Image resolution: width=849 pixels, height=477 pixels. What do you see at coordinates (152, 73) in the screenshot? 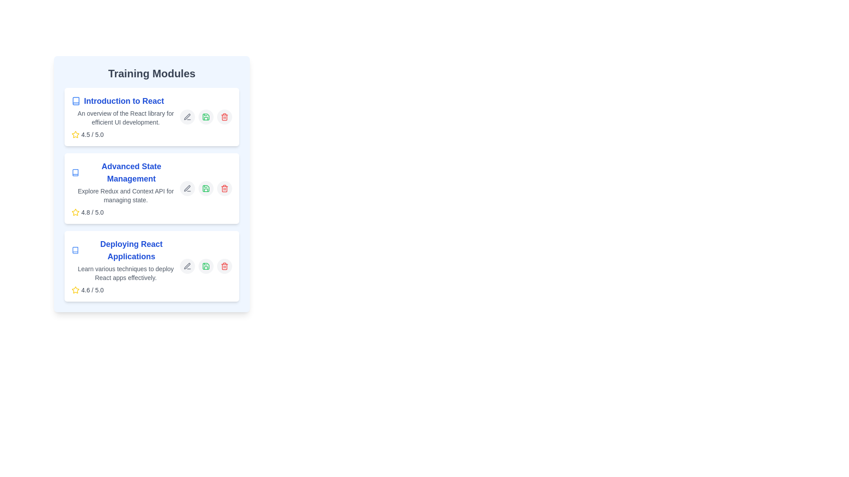
I see `title text located at the top of the panel, centered horizontally, which provides a clear description of the content below it` at bounding box center [152, 73].